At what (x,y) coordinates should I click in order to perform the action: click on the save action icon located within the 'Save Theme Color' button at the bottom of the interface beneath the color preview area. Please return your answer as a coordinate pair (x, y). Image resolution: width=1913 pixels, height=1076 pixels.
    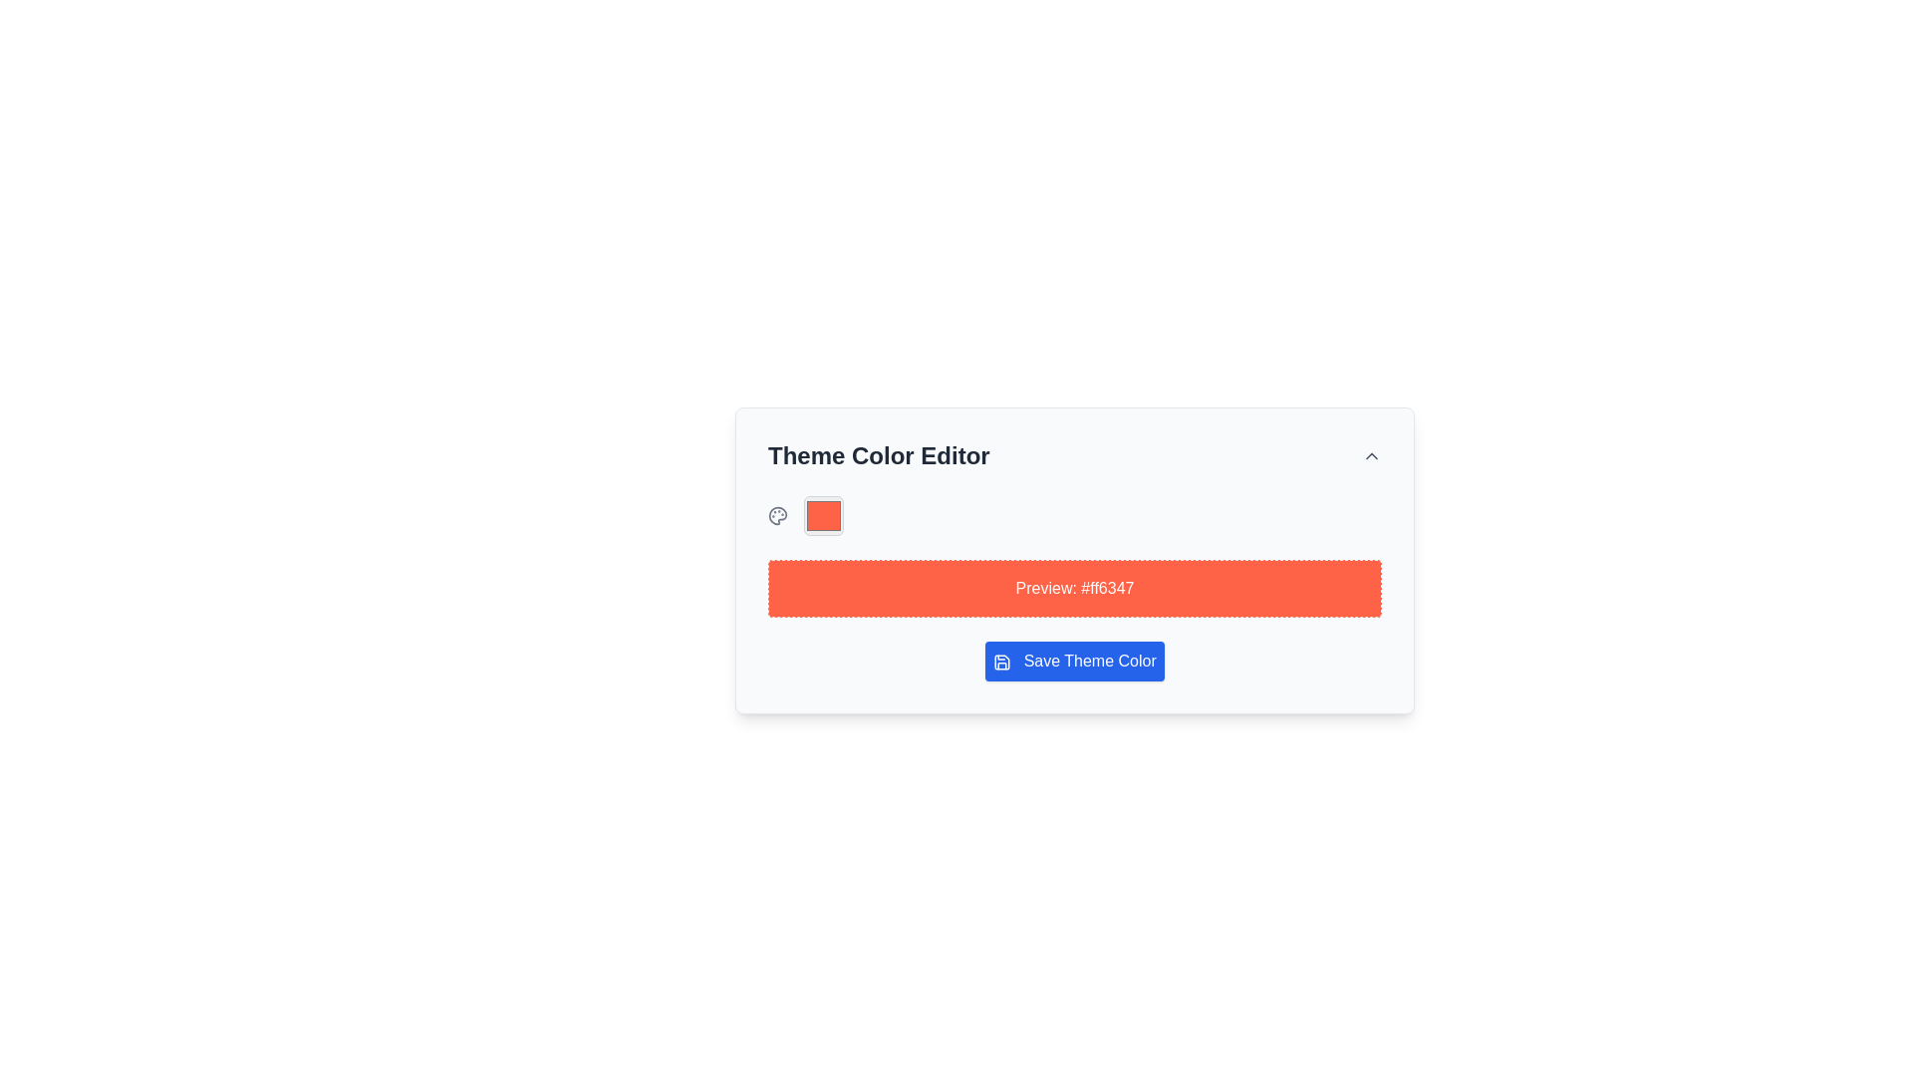
    Looking at the image, I should click on (1002, 662).